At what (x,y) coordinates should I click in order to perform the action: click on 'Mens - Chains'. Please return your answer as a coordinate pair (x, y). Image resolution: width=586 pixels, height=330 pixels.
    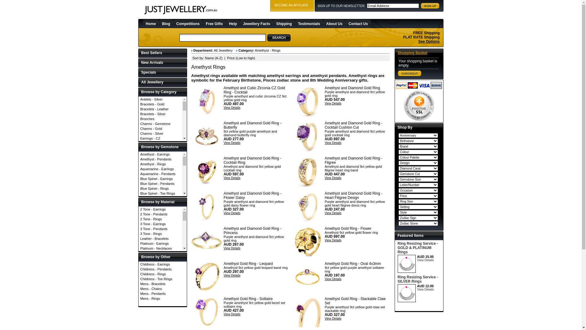
    Looking at the image, I should click on (162, 289).